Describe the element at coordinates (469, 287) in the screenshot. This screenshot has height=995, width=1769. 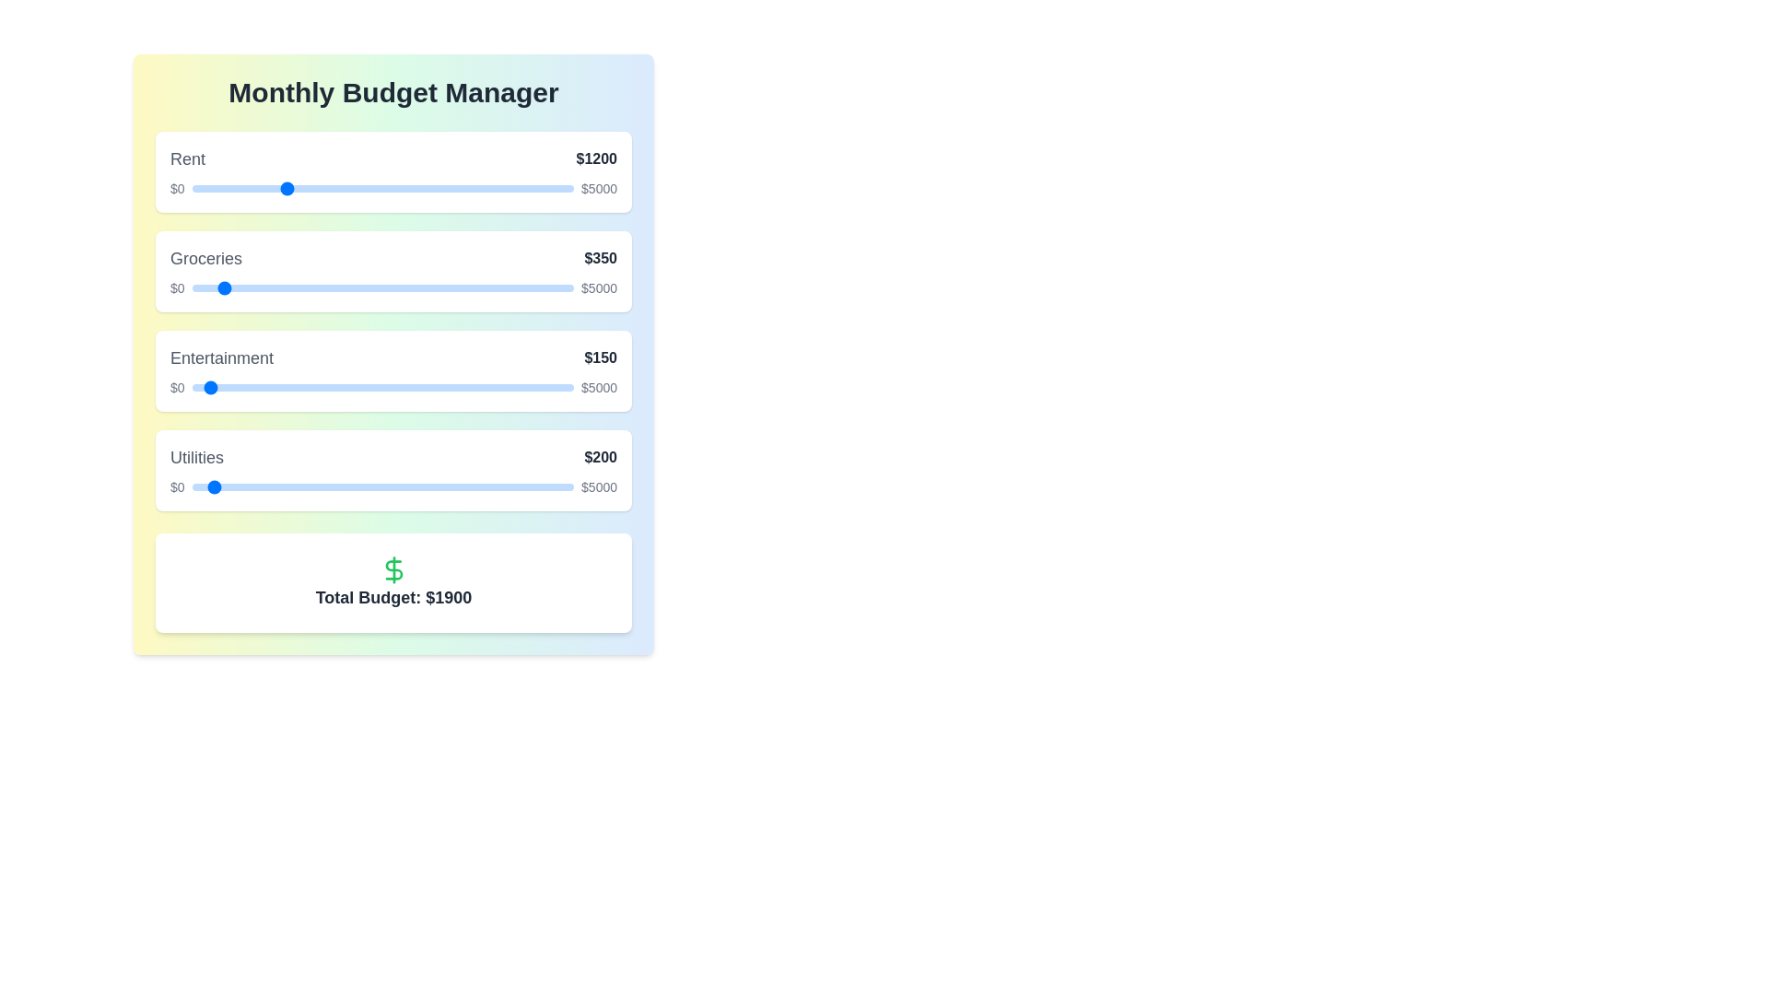
I see `groceries budget` at that location.